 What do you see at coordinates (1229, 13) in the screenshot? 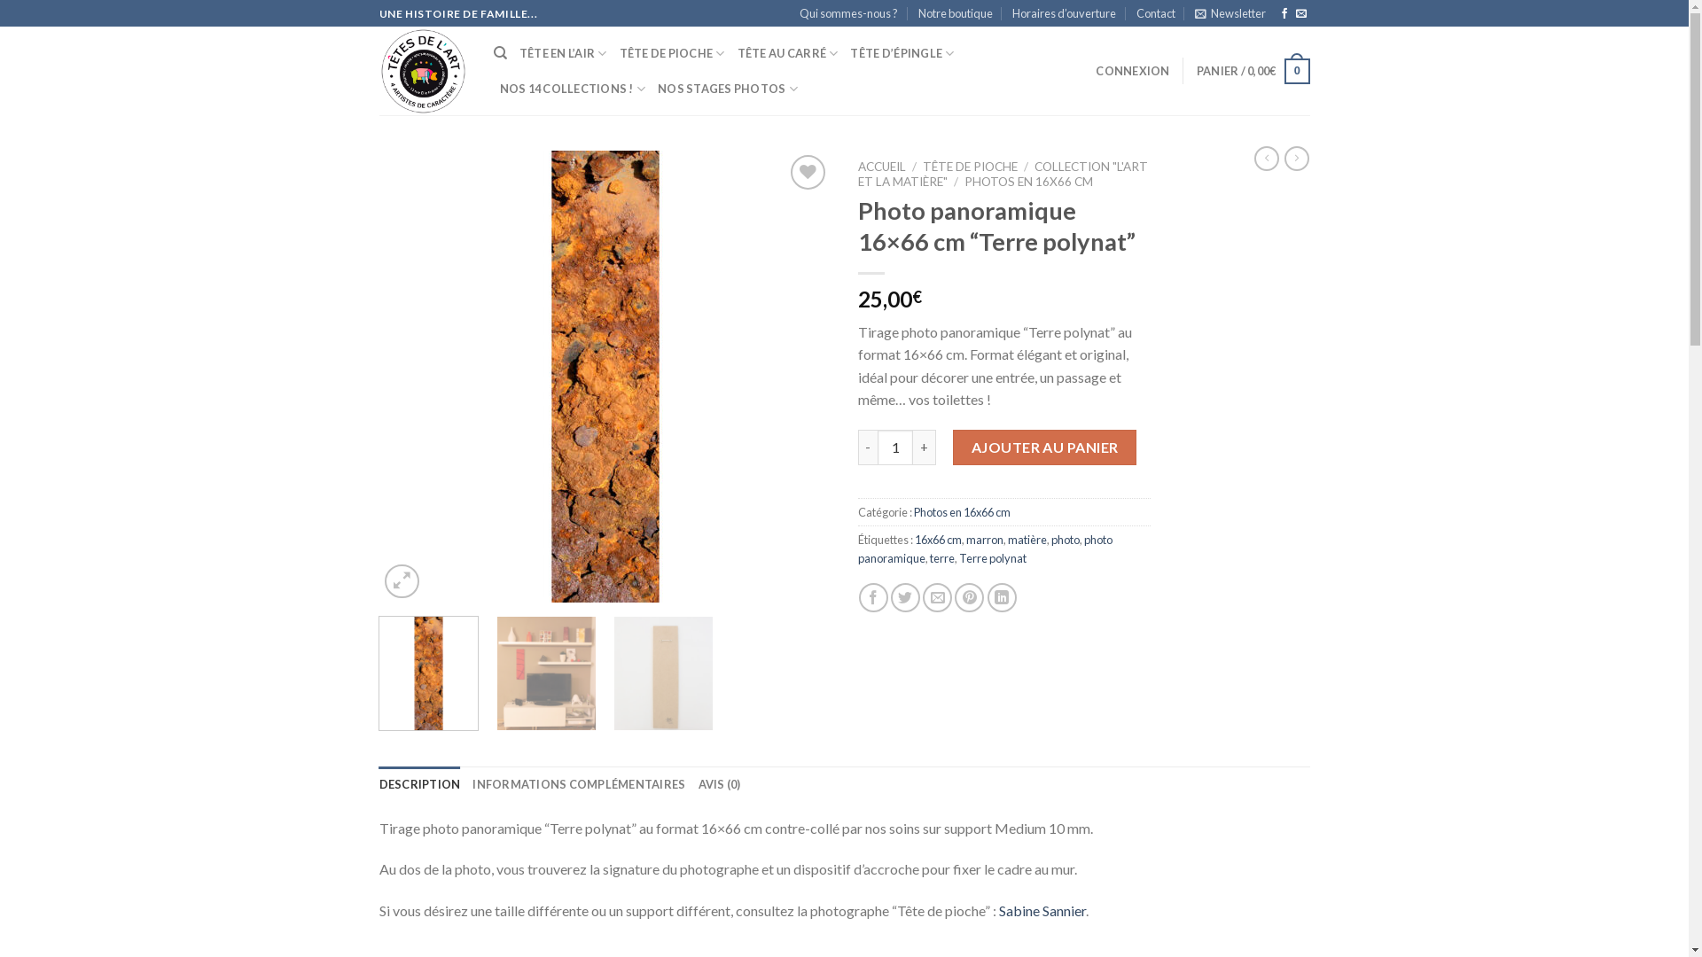
I see `'Newsletter'` at bounding box center [1229, 13].